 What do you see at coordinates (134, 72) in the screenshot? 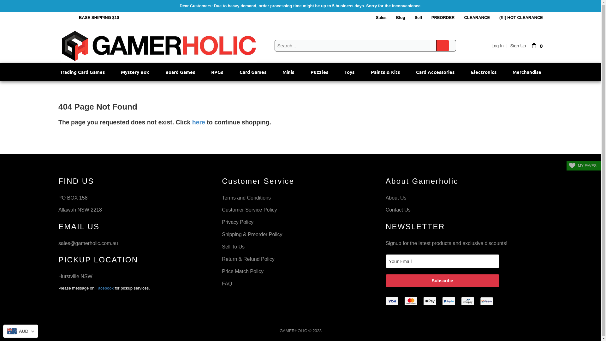
I see `'Mystery Box'` at bounding box center [134, 72].